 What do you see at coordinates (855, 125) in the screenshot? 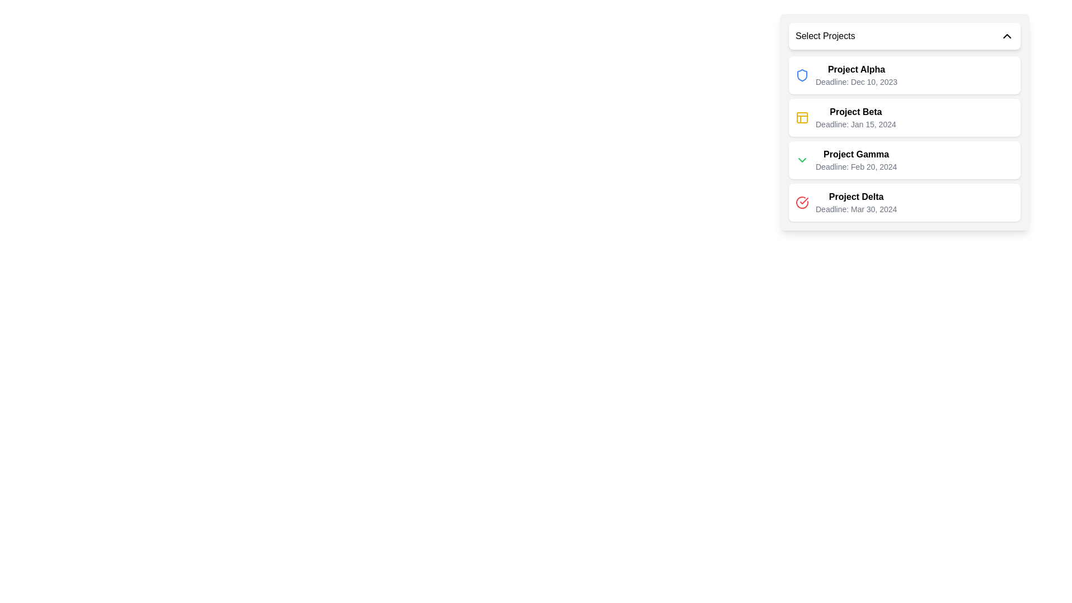
I see `the text label providing deadline information for 'Project Beta' located below its title in the project list` at bounding box center [855, 125].